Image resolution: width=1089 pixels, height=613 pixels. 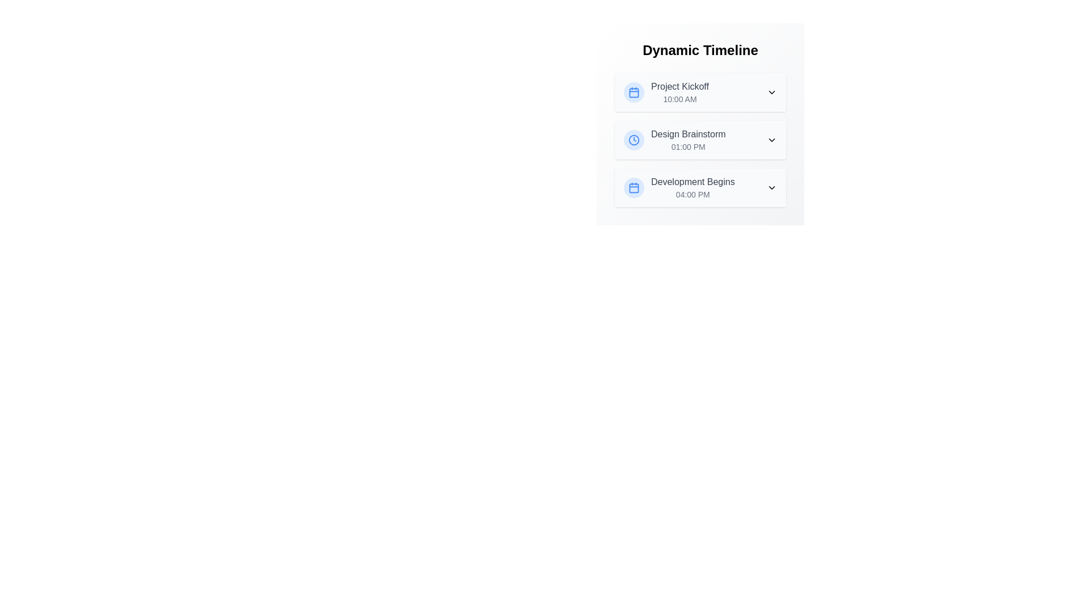 I want to click on the circular icon with a light blue background and a clock symbol, located to the left of 'Design Brainstorm' and '01:00 PM' in the timeline list, so click(x=634, y=139).